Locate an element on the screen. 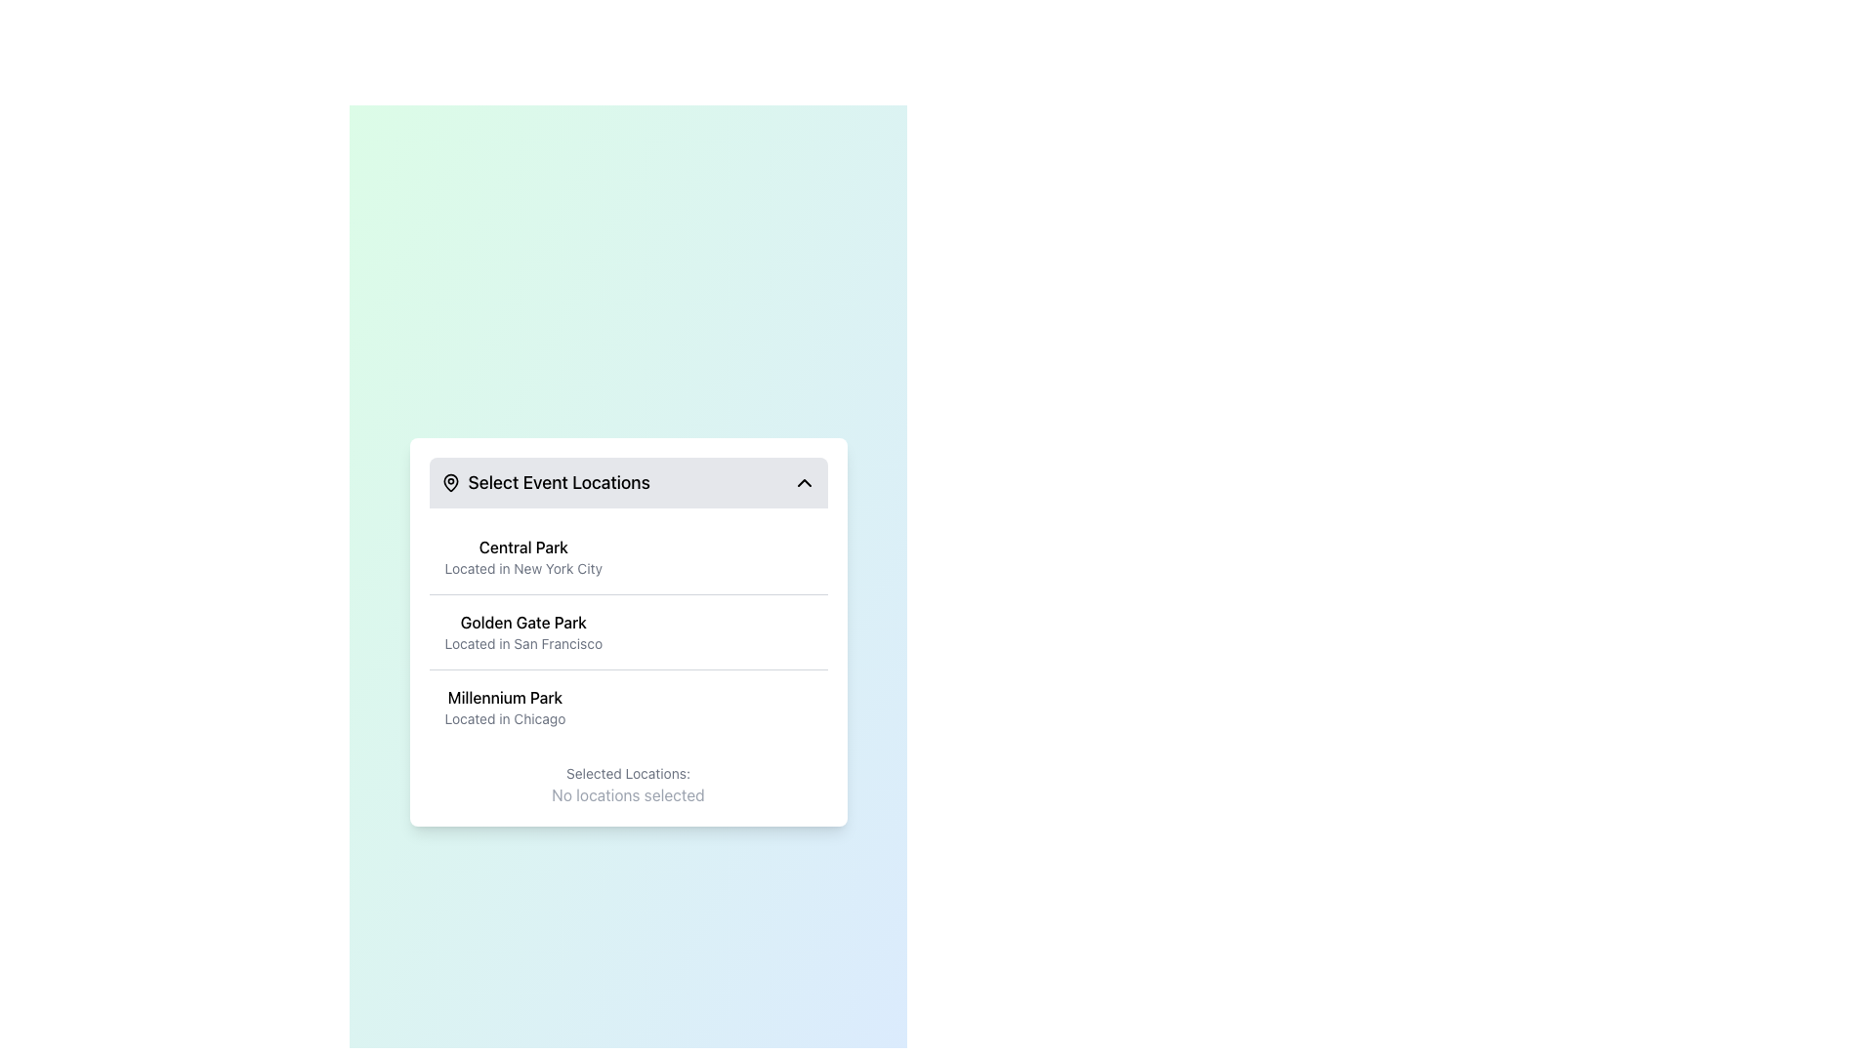 The height and width of the screenshot is (1054, 1875). the outer portion of the map pin icon located at the top left corner of the 'Select Event Locations' dialog box is located at coordinates (449, 482).